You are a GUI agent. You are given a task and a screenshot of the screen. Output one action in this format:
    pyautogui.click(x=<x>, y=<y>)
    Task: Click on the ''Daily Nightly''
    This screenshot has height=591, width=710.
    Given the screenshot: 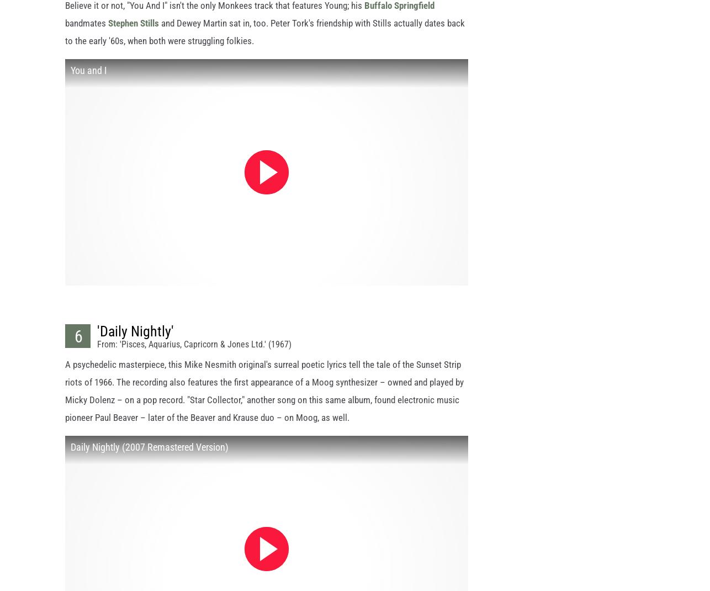 What is the action you would take?
    pyautogui.click(x=135, y=341)
    